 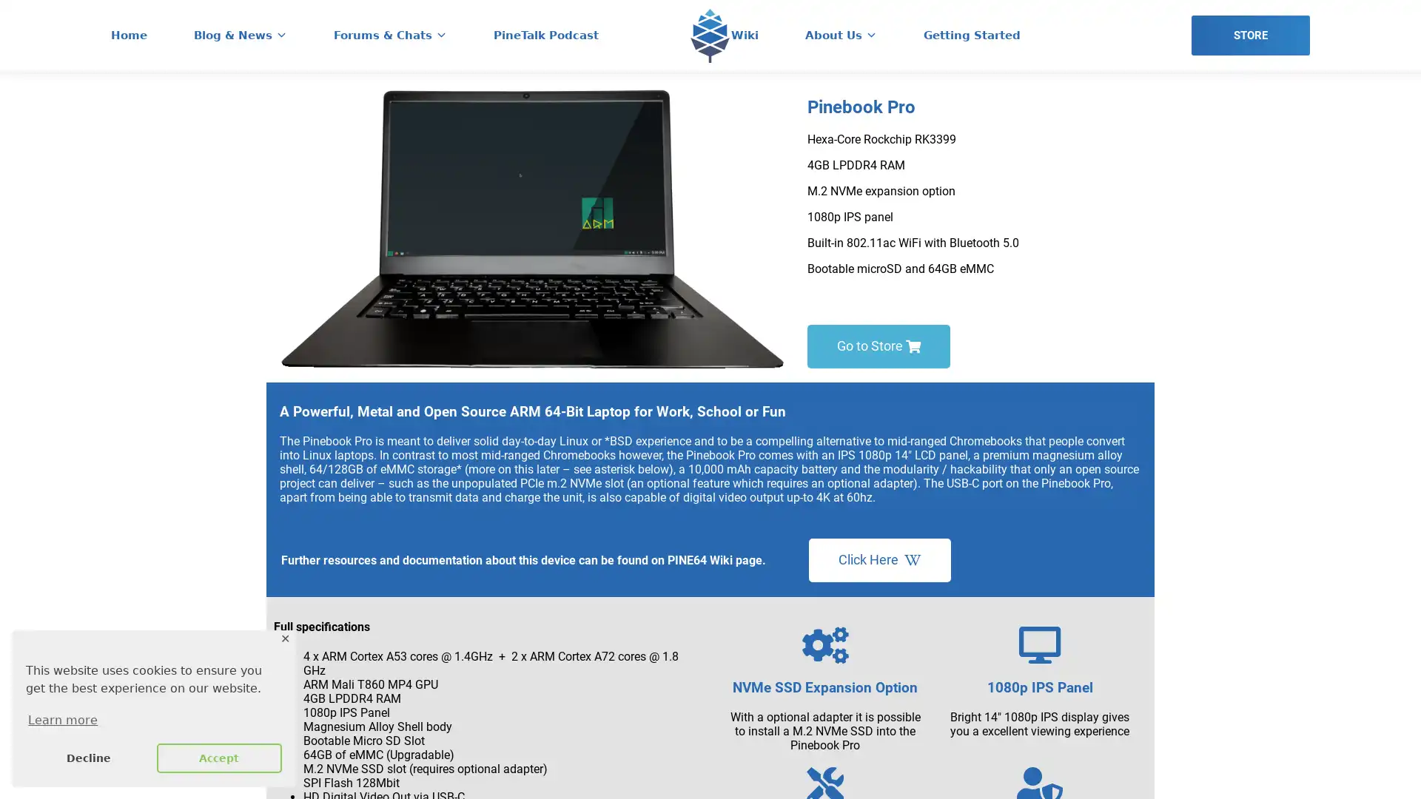 What do you see at coordinates (87, 758) in the screenshot?
I see `deny cookies` at bounding box center [87, 758].